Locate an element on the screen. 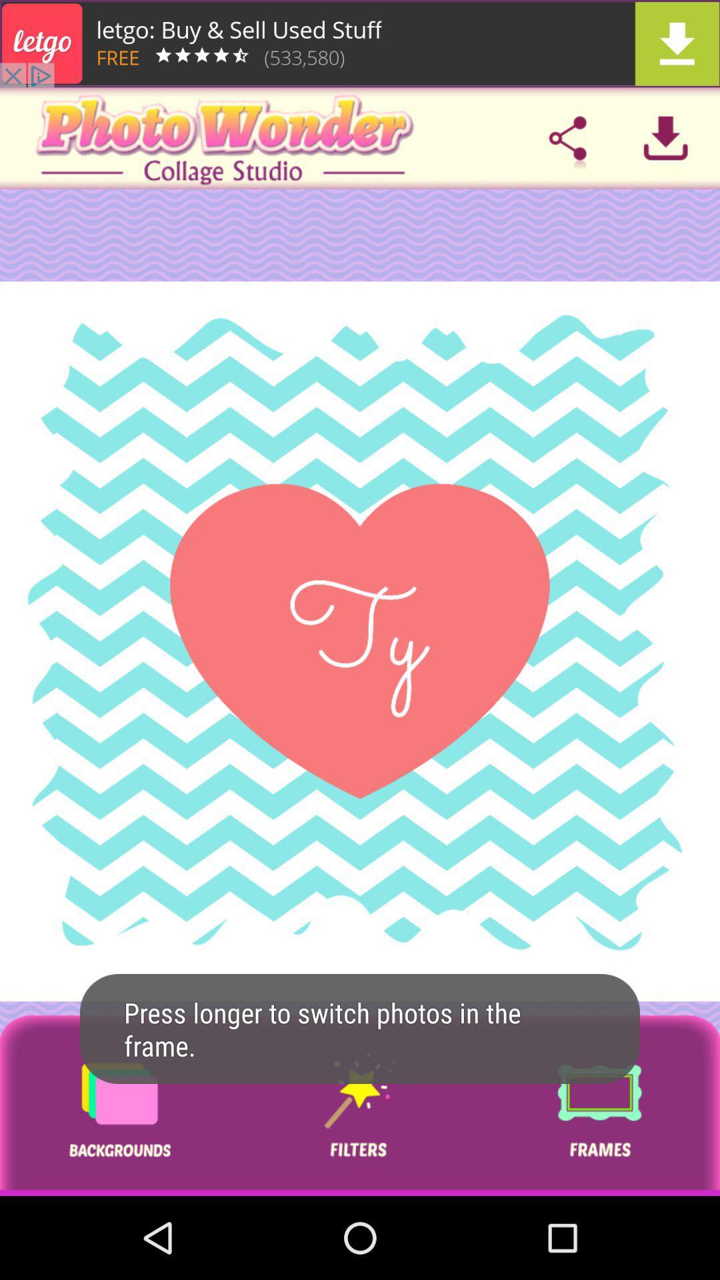  filters to image is located at coordinates (359, 1105).